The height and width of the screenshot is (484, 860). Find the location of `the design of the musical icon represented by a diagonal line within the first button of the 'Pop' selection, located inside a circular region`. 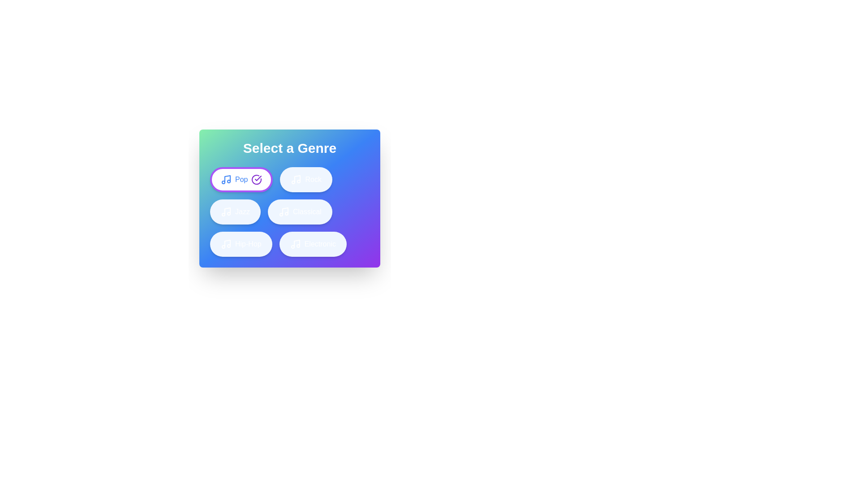

the design of the musical icon represented by a diagonal line within the first button of the 'Pop' selection, located inside a circular region is located at coordinates (228, 179).